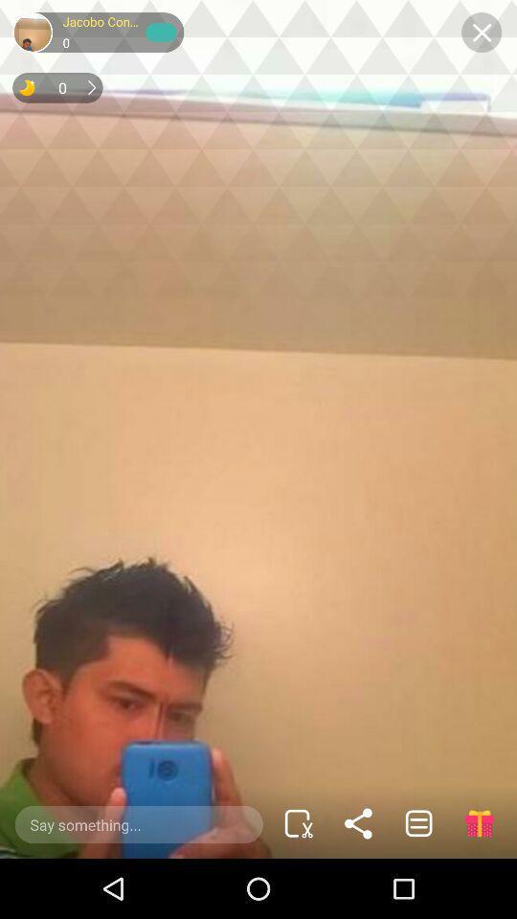 The width and height of the screenshot is (517, 919). Describe the element at coordinates (478, 822) in the screenshot. I see `the gift icon` at that location.